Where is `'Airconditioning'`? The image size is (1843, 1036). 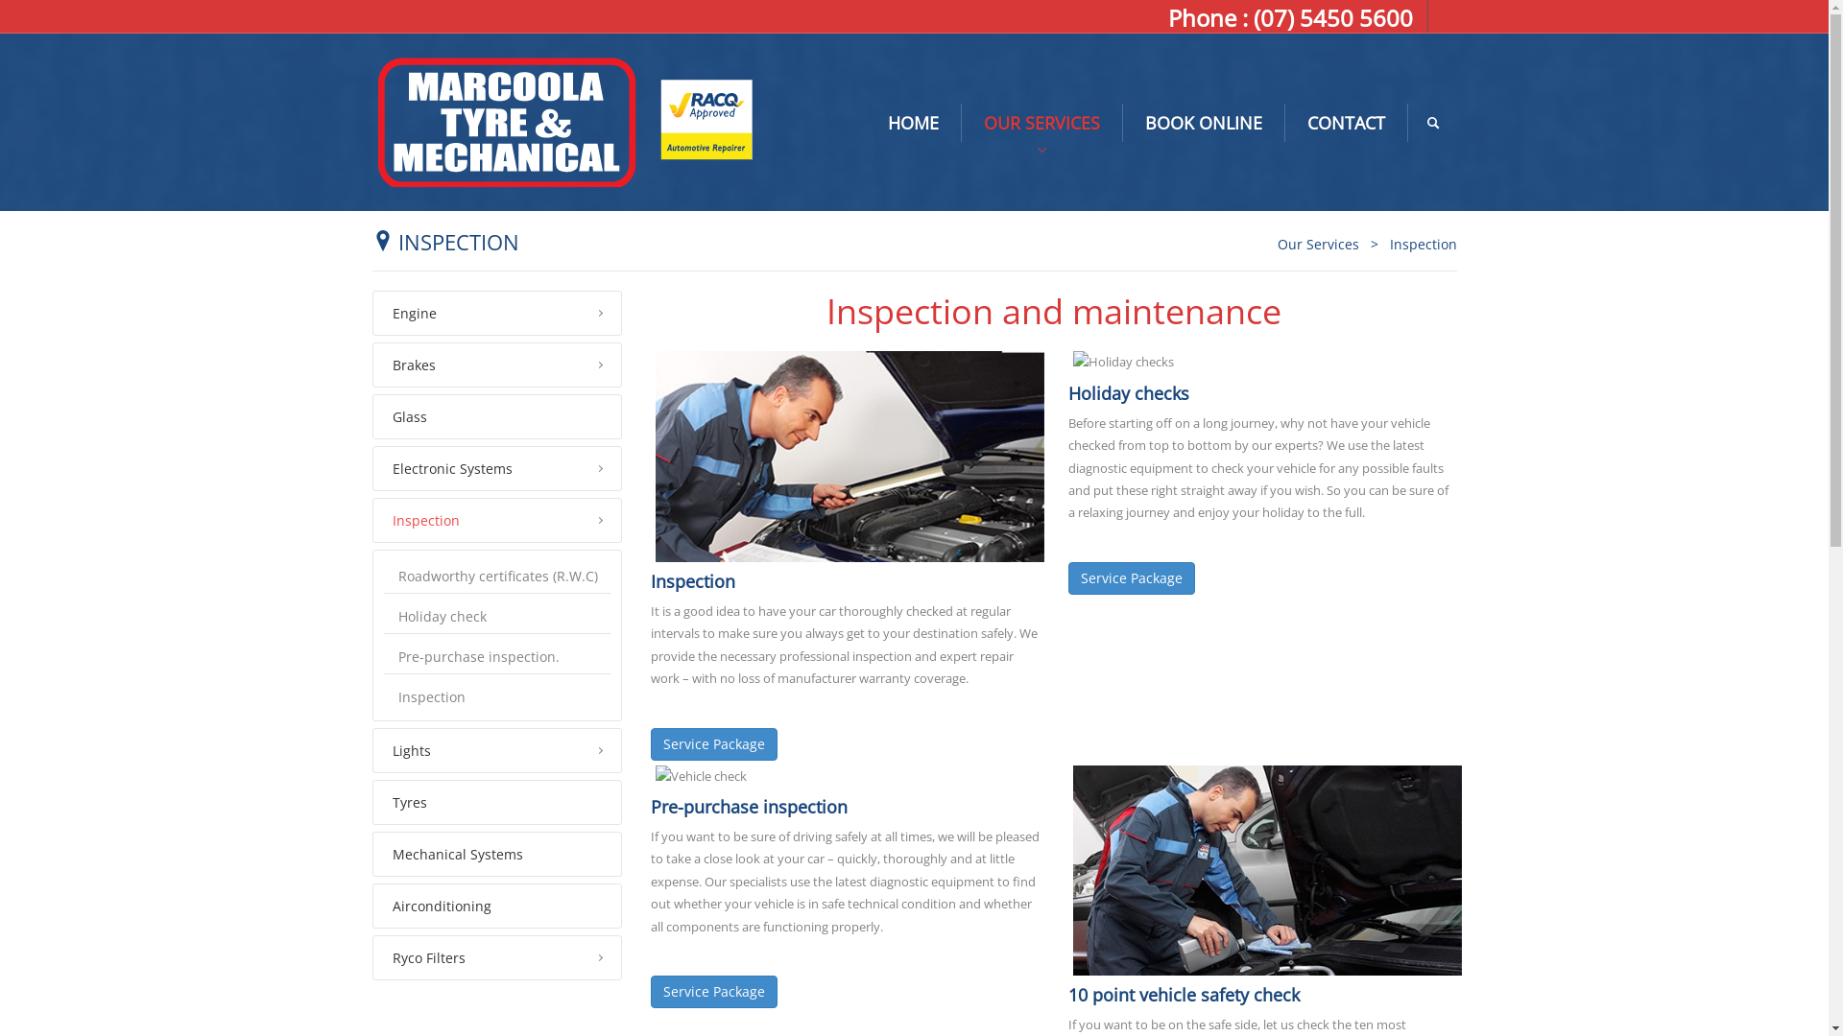 'Airconditioning' is located at coordinates (497, 906).